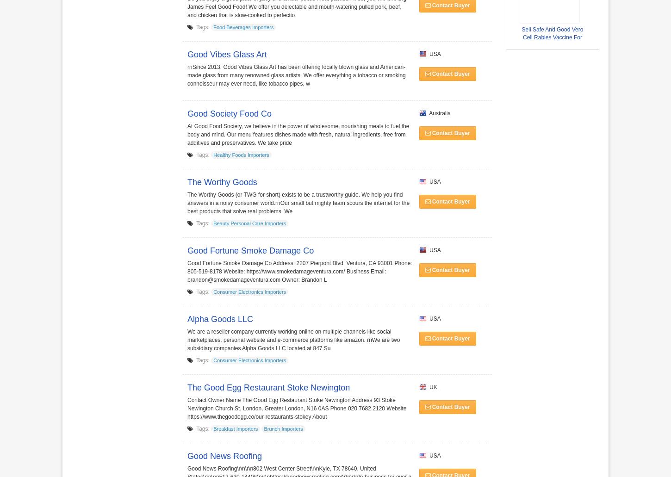  I want to click on 'The Worthy Goods (or TWG for short) exists to be a trustworthy guide. We help you find answers in a noisy consumer world.rnOur small but mighty team scours the internet for the best products that solve real problems. We', so click(298, 203).